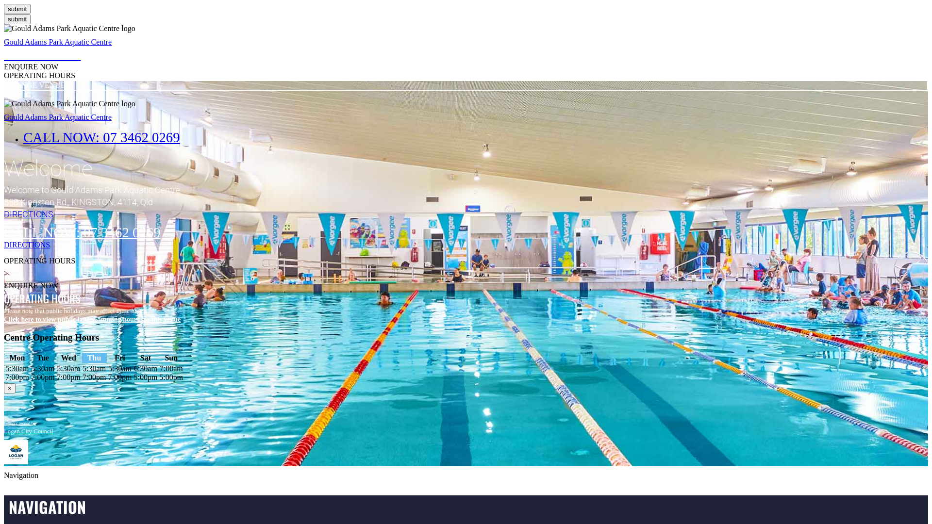  Describe the element at coordinates (92, 319) in the screenshot. I see `'Click here to view public lane swimming hours for this venue'` at that location.